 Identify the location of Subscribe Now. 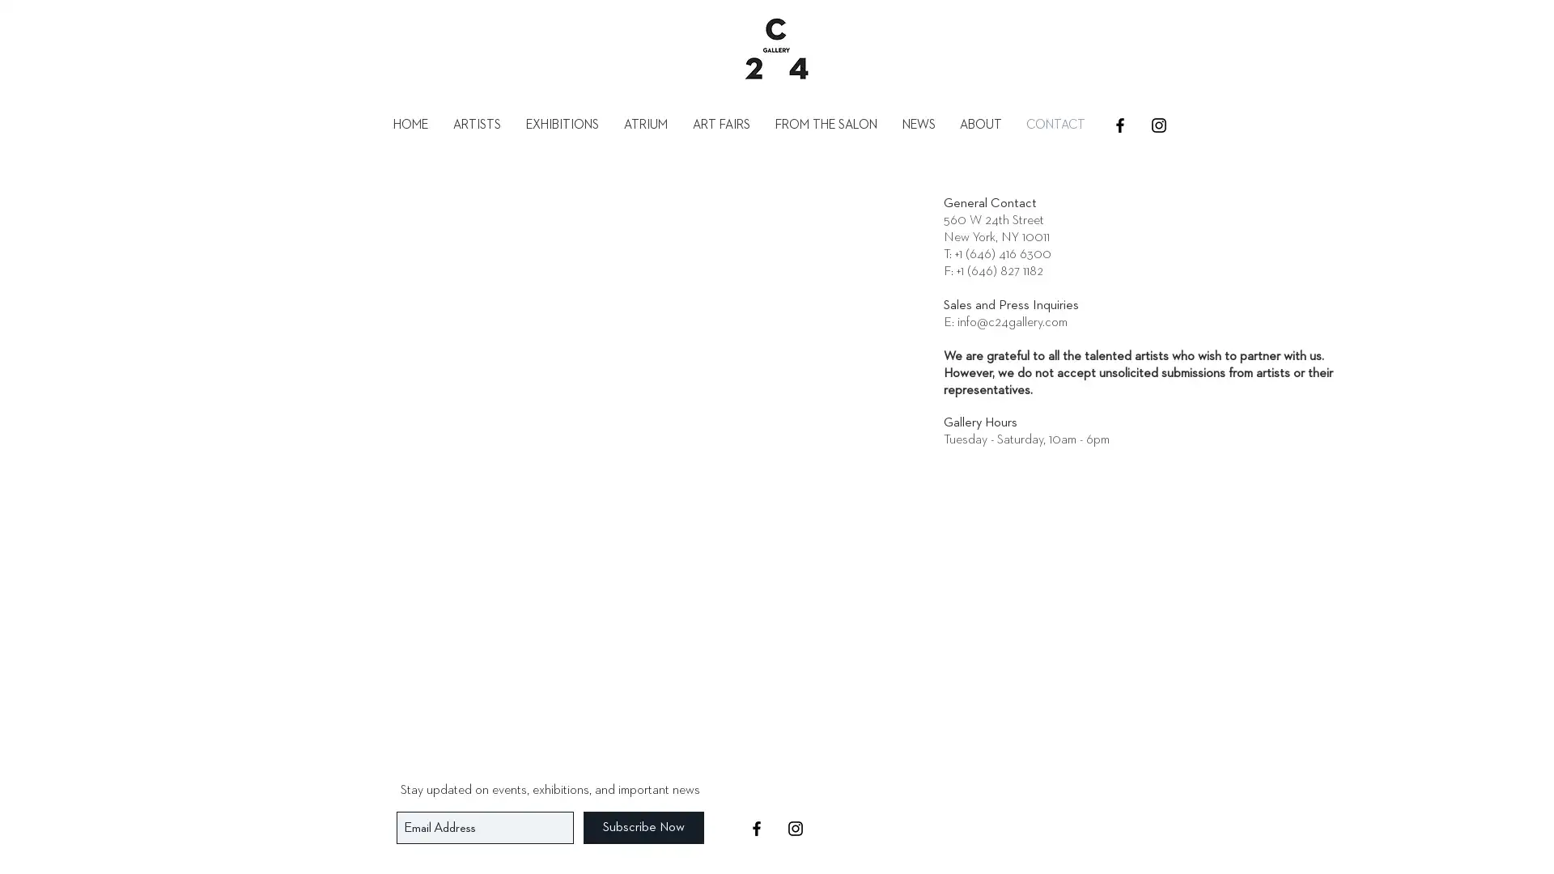
(643, 827).